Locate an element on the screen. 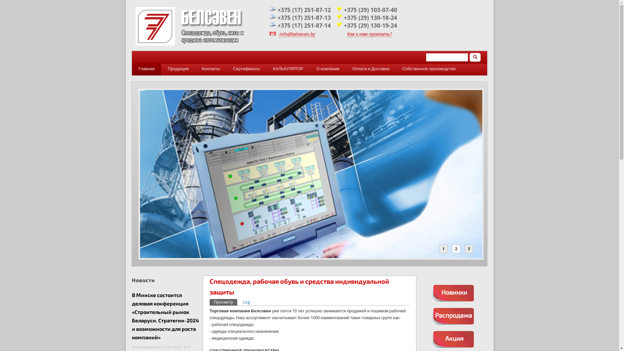 This screenshot has height=351, width=624. '2' is located at coordinates (452, 249).